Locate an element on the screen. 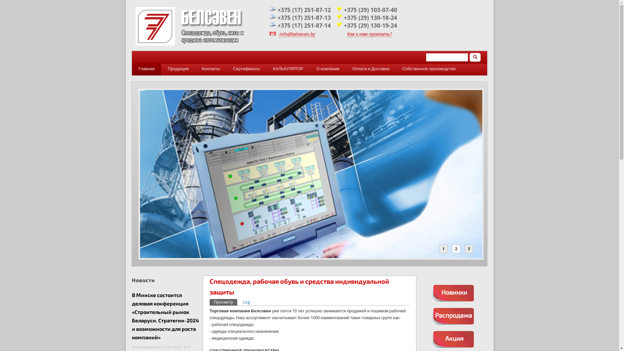 This screenshot has height=351, width=624. '2' is located at coordinates (452, 249).